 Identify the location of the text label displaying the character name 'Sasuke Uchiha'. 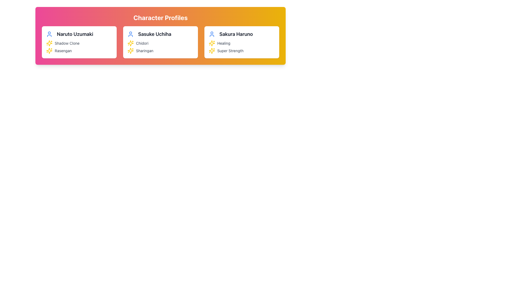
(160, 34).